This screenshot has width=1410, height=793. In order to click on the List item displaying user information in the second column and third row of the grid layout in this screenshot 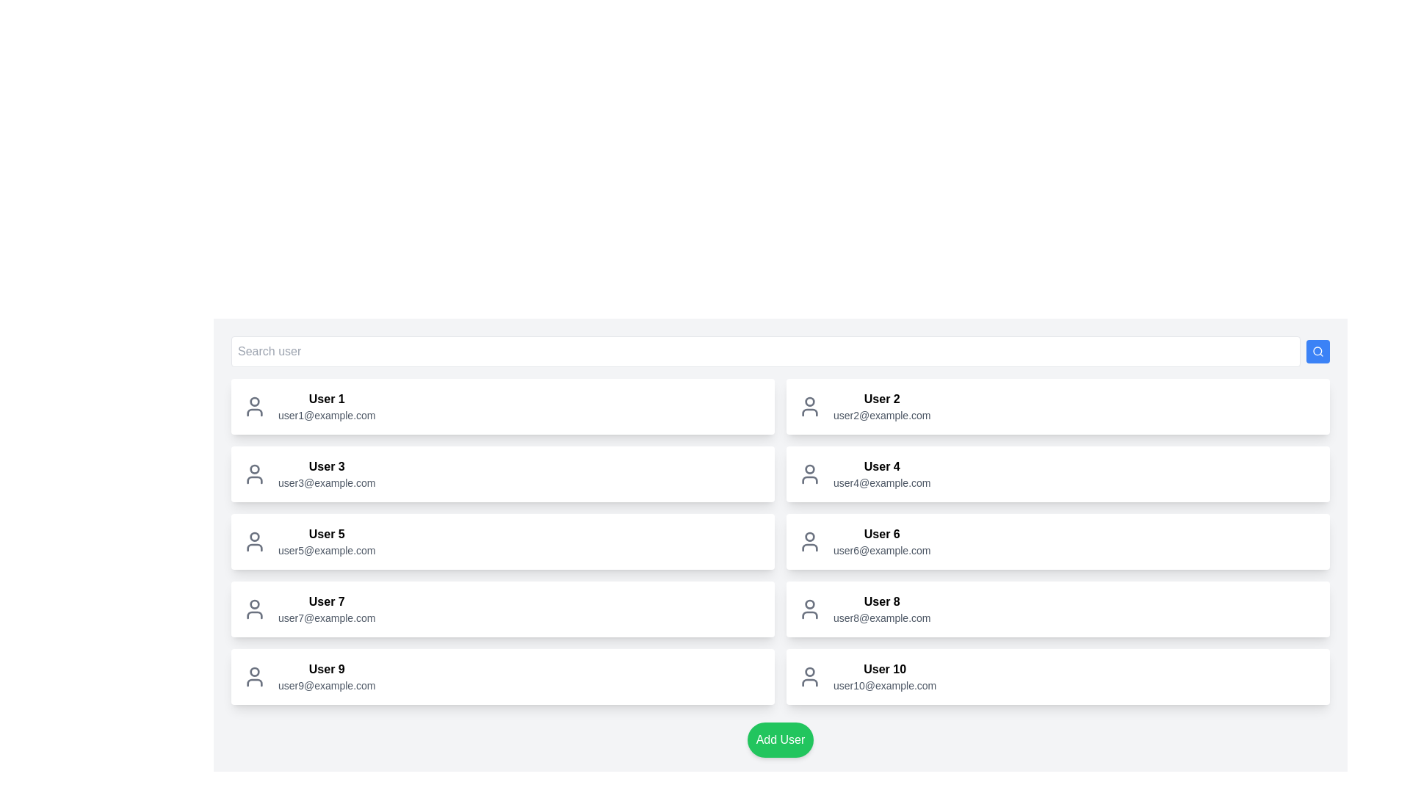, I will do `click(1057, 541)`.